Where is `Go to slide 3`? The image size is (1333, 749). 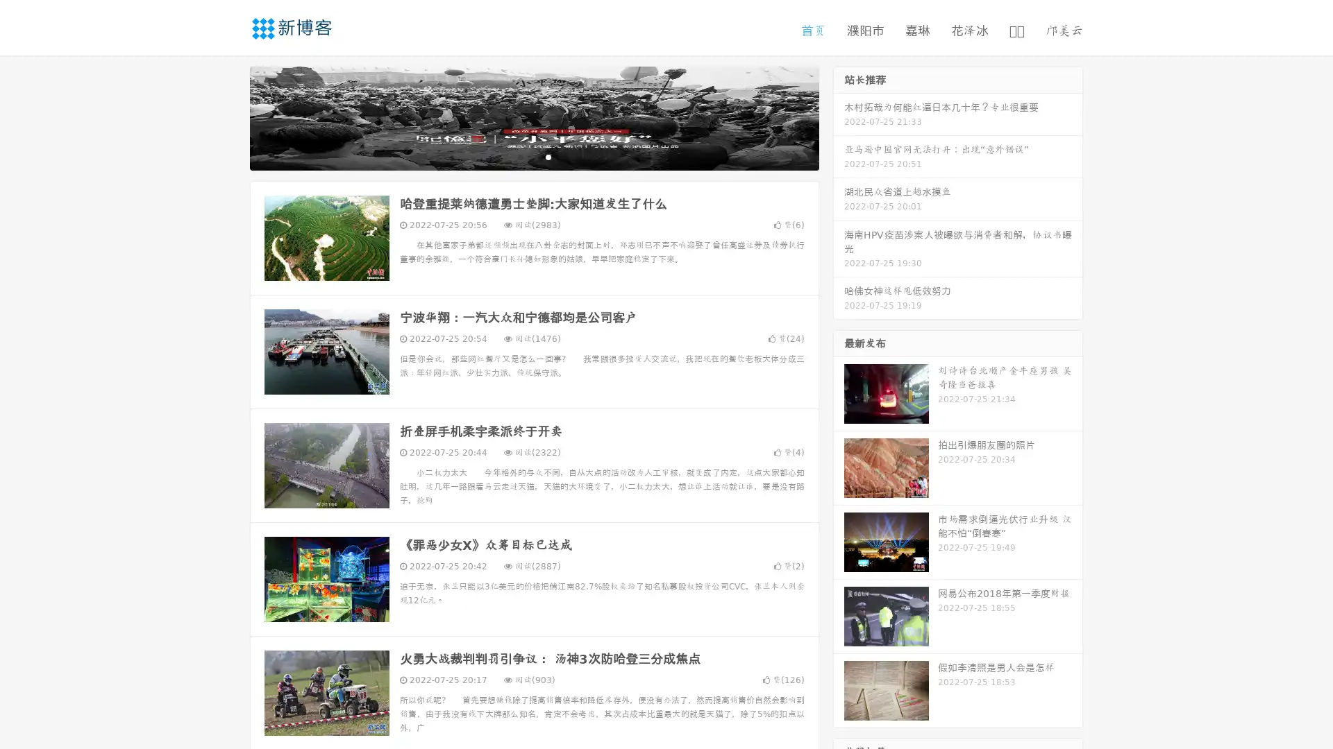 Go to slide 3 is located at coordinates (548, 156).